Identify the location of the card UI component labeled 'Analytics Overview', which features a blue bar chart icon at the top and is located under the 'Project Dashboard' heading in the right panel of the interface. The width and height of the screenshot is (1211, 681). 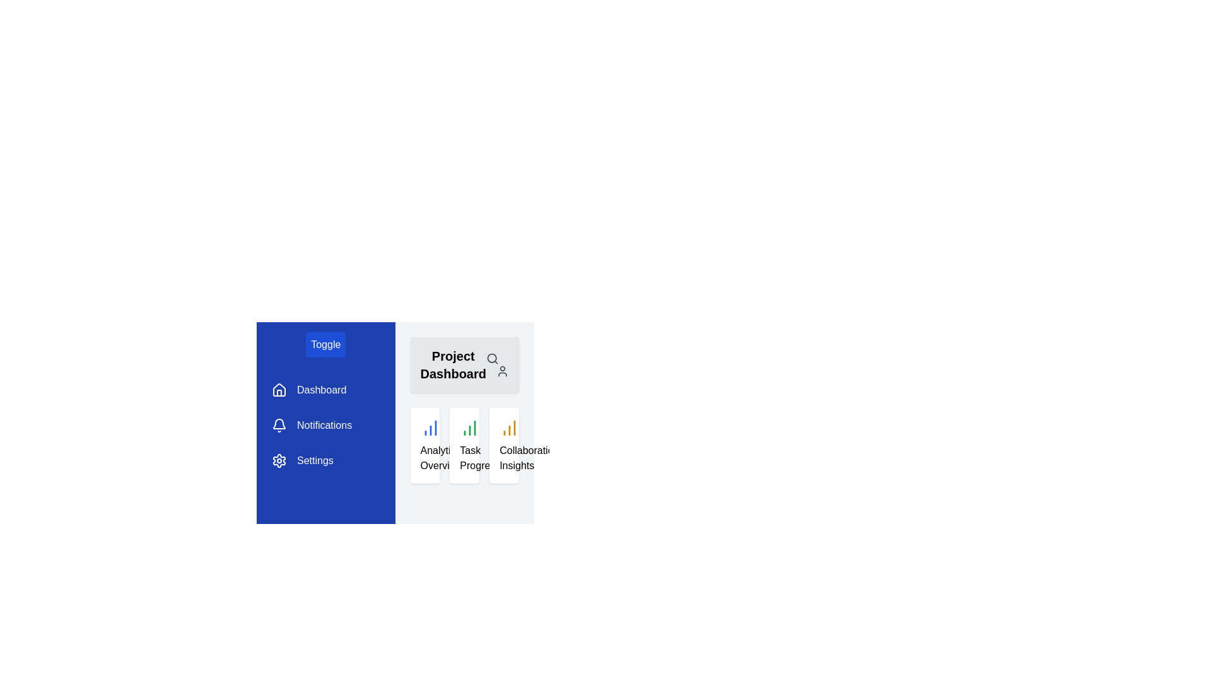
(424, 445).